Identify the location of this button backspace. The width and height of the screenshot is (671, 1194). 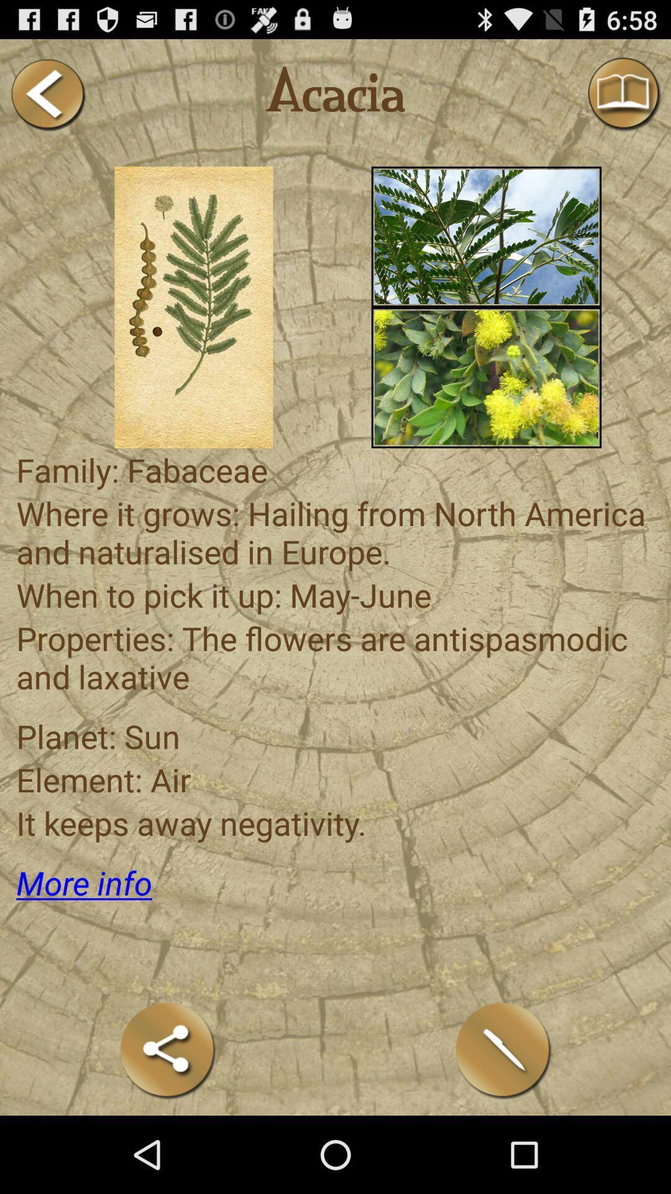
(47, 94).